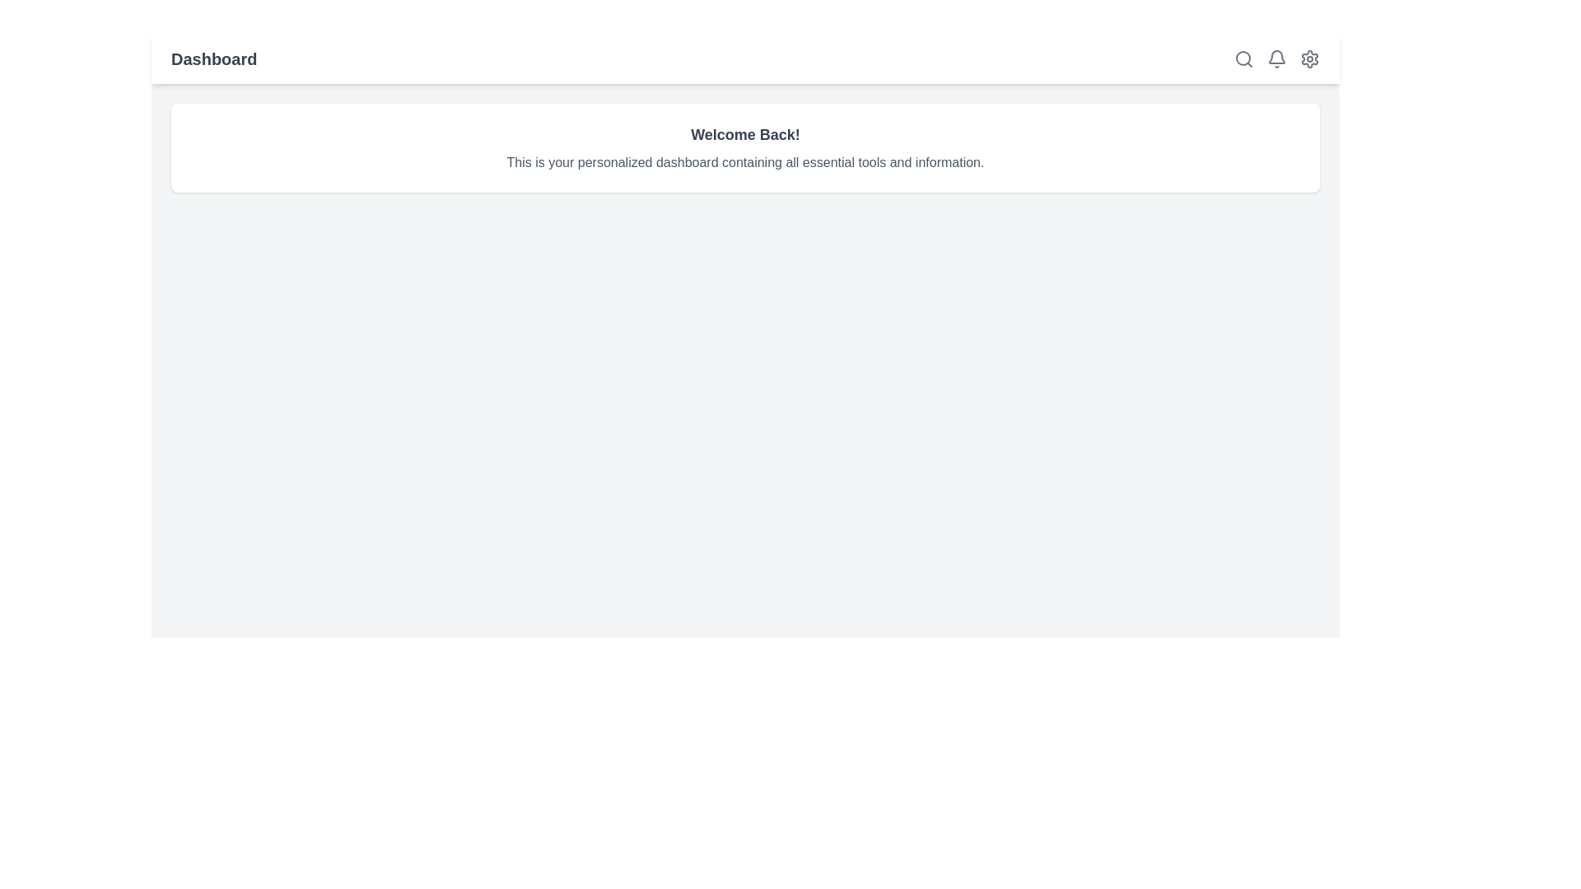  What do you see at coordinates (1276, 56) in the screenshot?
I see `the curved line that forms the main body of the bell icon in the top-right corner of the interface` at bounding box center [1276, 56].